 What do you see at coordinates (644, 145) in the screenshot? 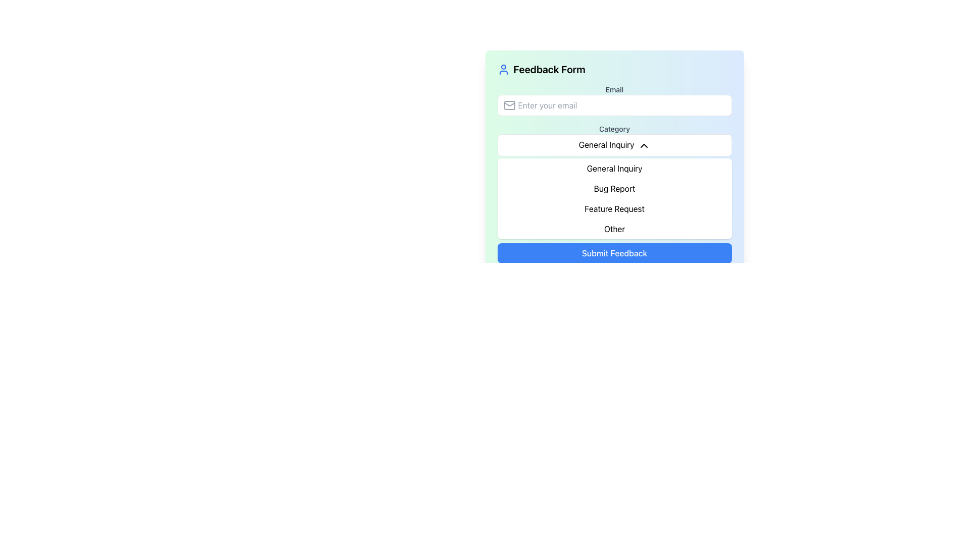
I see `the arrow icon in the 'Category' section that indicates the dropdown menu is expanded` at bounding box center [644, 145].